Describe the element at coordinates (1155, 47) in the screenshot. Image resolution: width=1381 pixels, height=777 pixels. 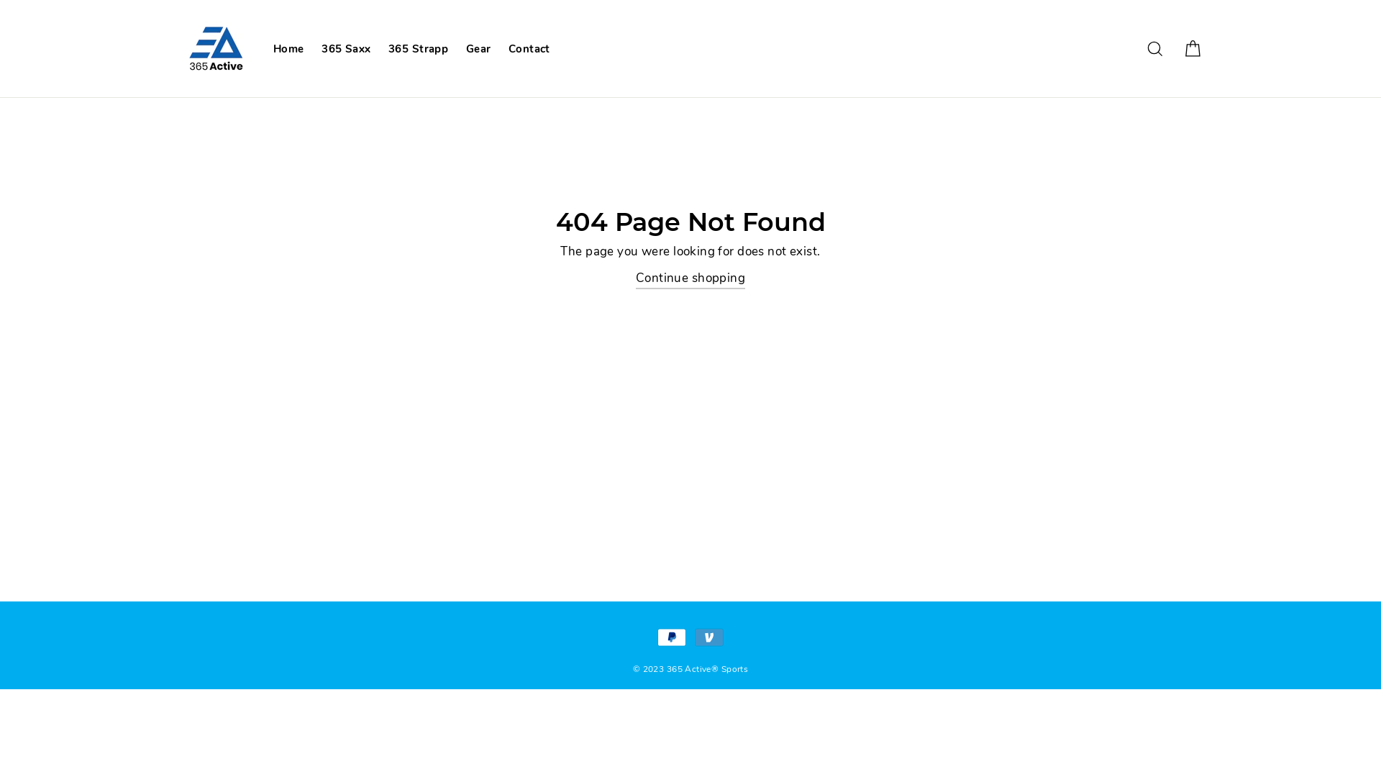
I see `'Search'` at that location.